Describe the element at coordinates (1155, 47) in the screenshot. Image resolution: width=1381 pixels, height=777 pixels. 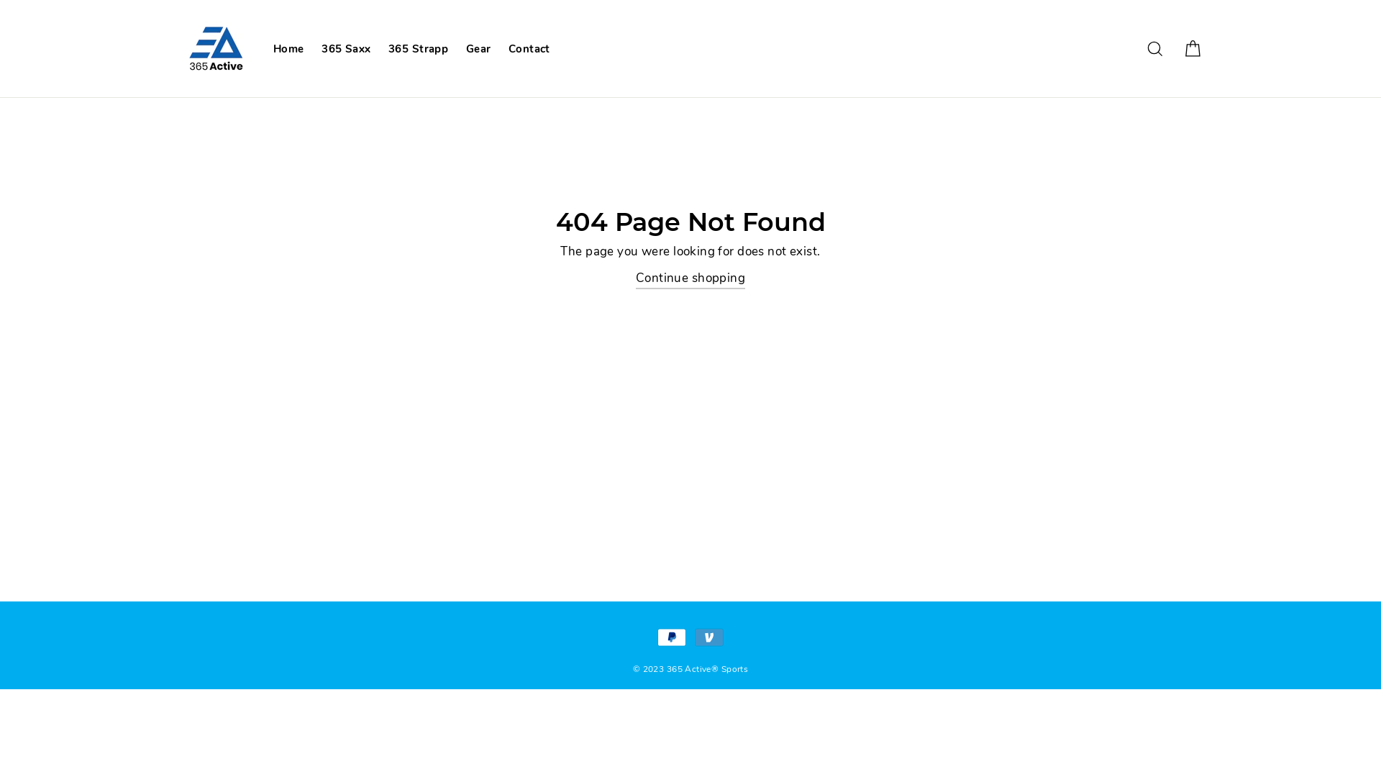
I see `'Search'` at that location.